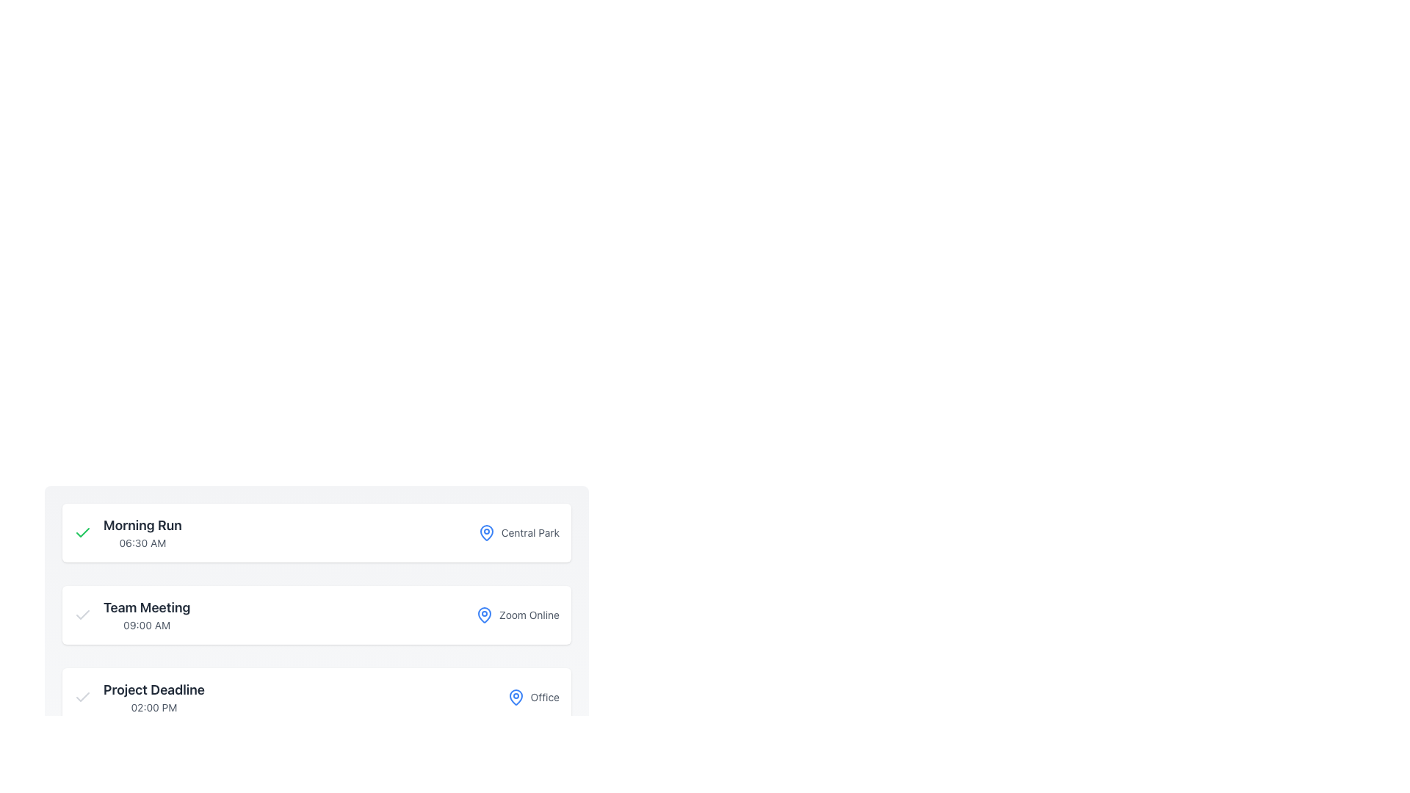  I want to click on the 'Project Deadline' element which includes a checkmark icon and the text '02:00 PM', located in the third card of the event cards, so click(139, 696).